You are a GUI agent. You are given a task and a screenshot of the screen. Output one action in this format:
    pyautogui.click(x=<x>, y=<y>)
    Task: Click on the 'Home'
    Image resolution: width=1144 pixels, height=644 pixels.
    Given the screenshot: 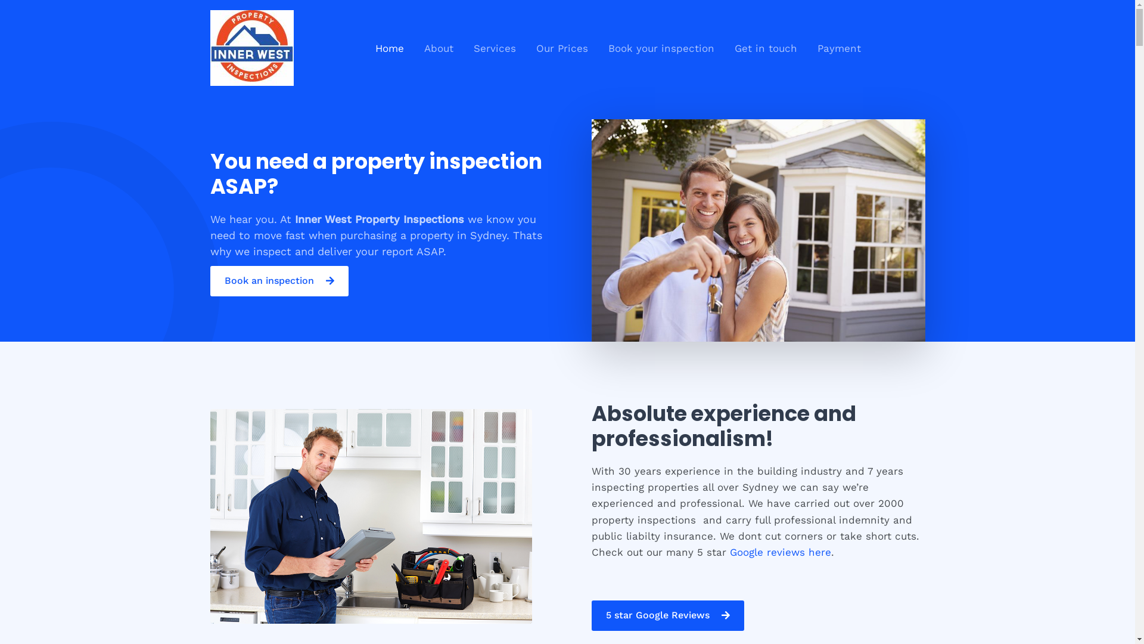 What is the action you would take?
    pyautogui.click(x=363, y=48)
    